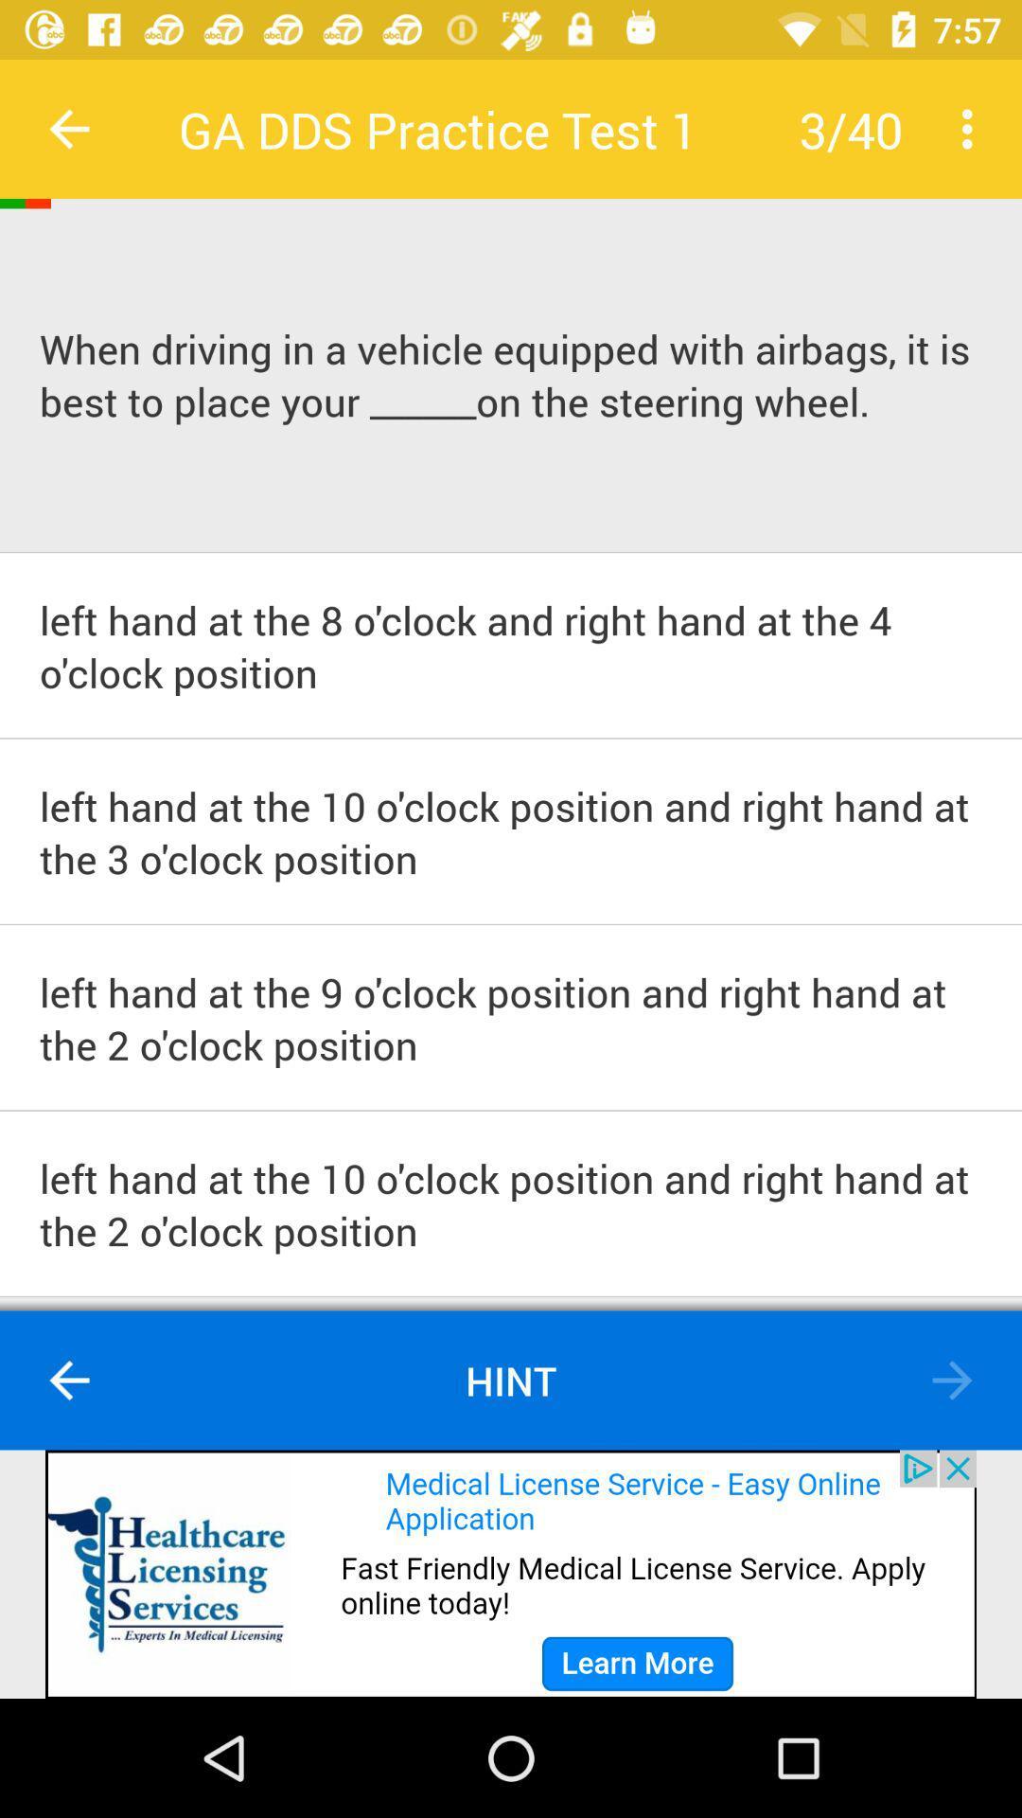 The height and width of the screenshot is (1818, 1022). What do you see at coordinates (952, 1381) in the screenshot?
I see `go back` at bounding box center [952, 1381].